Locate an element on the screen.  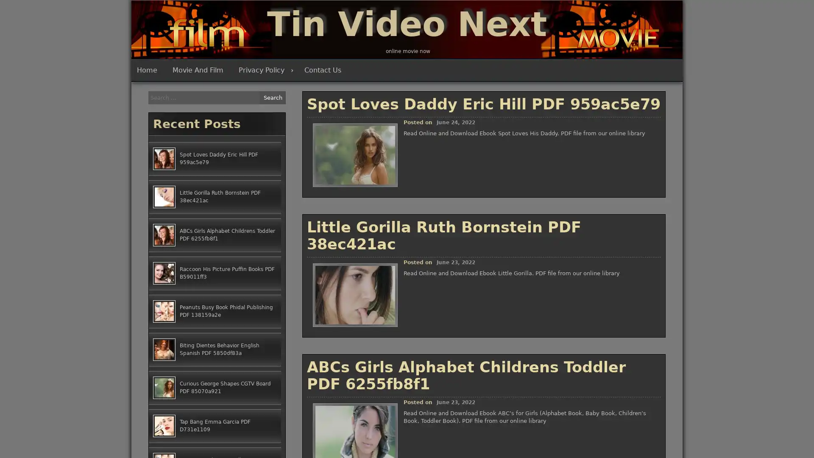
Search is located at coordinates (273, 97).